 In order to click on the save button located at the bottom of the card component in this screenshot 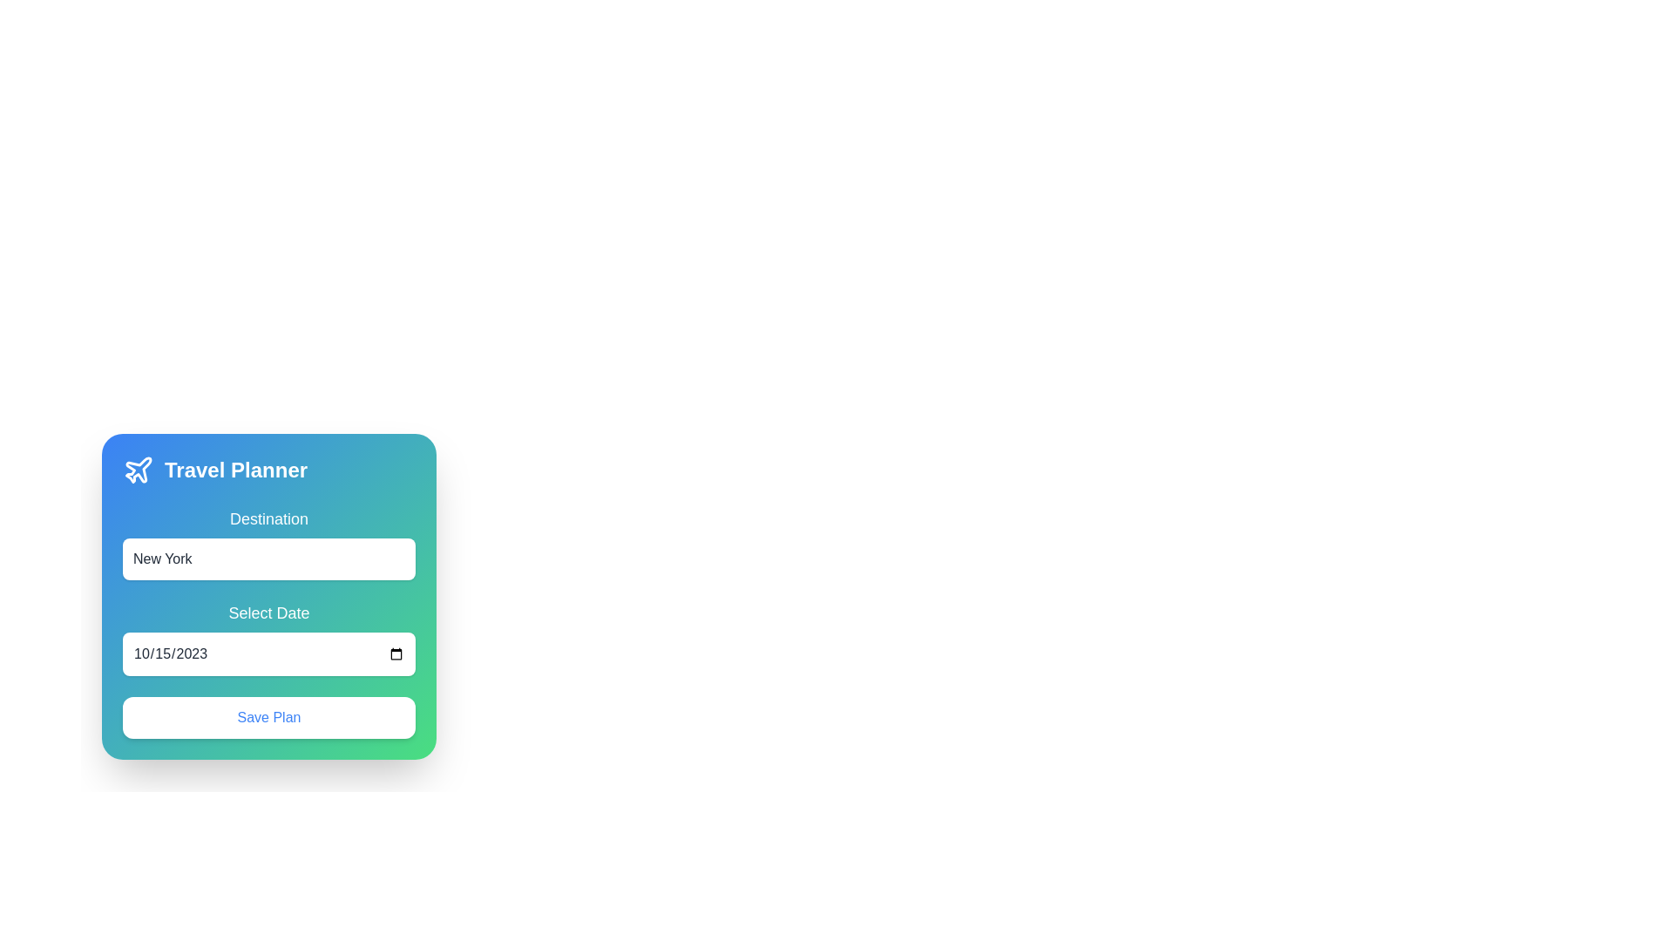, I will do `click(268, 718)`.